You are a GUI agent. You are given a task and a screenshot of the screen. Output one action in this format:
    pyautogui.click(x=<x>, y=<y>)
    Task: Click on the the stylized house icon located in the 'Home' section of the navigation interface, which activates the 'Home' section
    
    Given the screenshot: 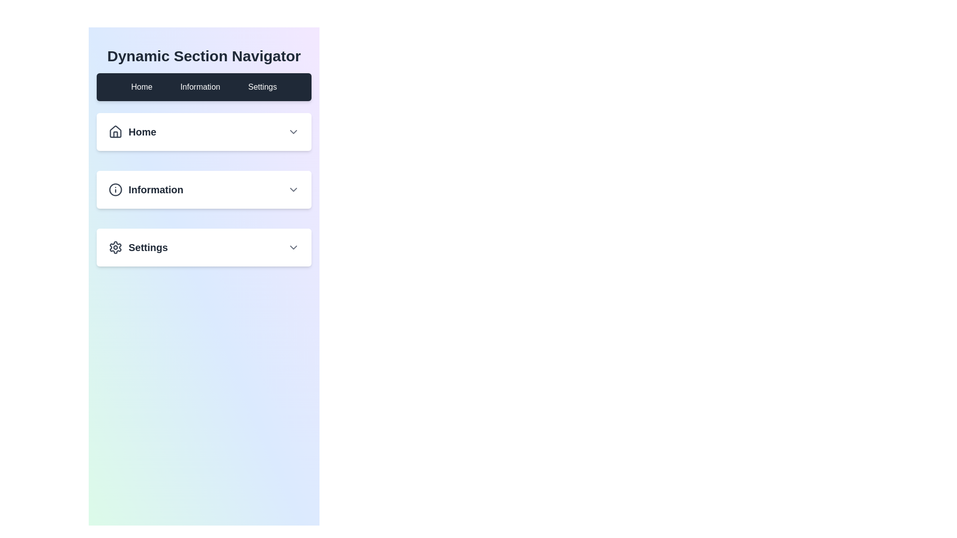 What is the action you would take?
    pyautogui.click(x=115, y=134)
    